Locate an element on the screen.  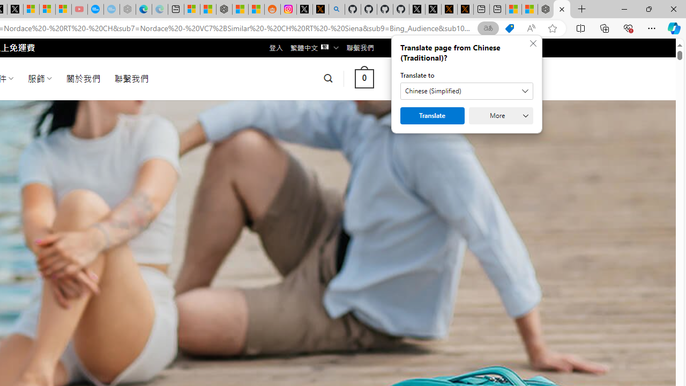
'X Privacy Policy' is located at coordinates (465, 9).